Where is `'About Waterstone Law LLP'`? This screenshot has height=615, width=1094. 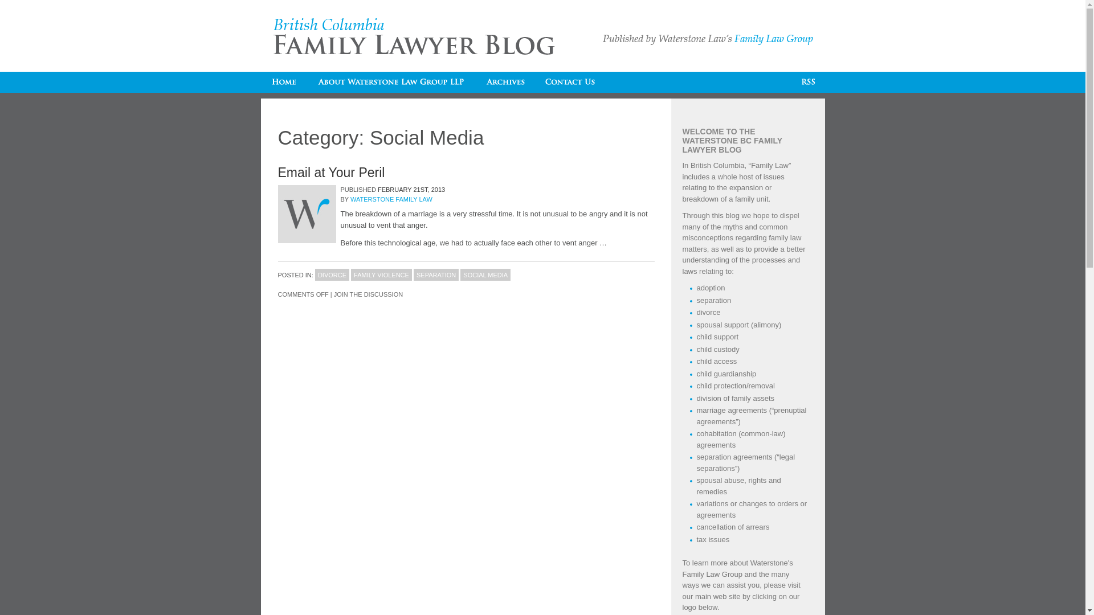
'About Waterstone Law LLP' is located at coordinates (391, 81).